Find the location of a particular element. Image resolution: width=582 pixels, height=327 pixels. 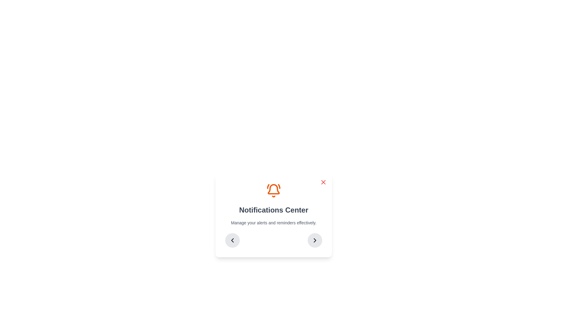

the rightmost stroke of the orange bell icon representing the ringing motion in the Notifications Center dialog box is located at coordinates (279, 186).